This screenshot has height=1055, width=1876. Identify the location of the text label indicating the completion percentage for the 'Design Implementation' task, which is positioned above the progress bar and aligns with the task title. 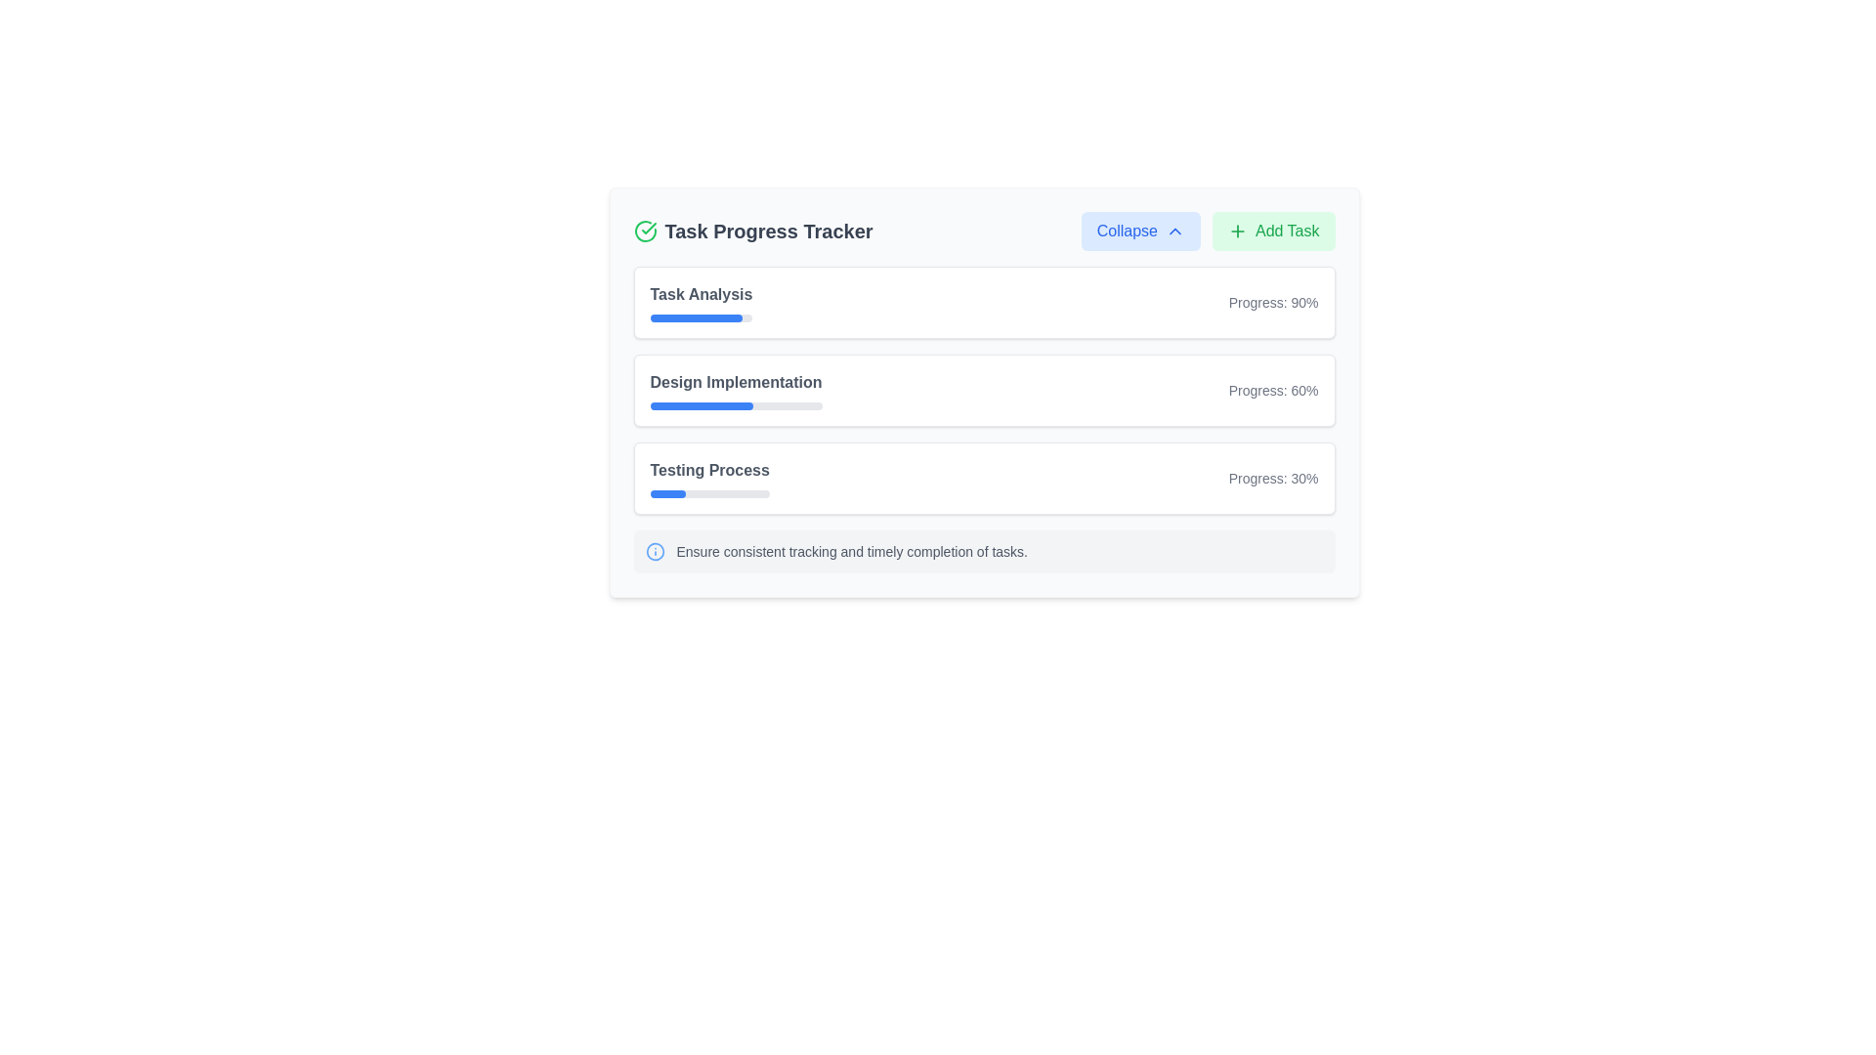
(1273, 391).